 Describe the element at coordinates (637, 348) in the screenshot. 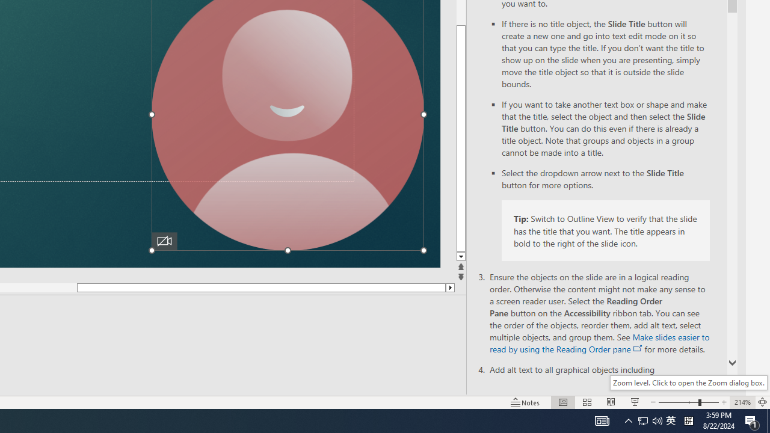

I see `'openinnewwindow'` at that location.